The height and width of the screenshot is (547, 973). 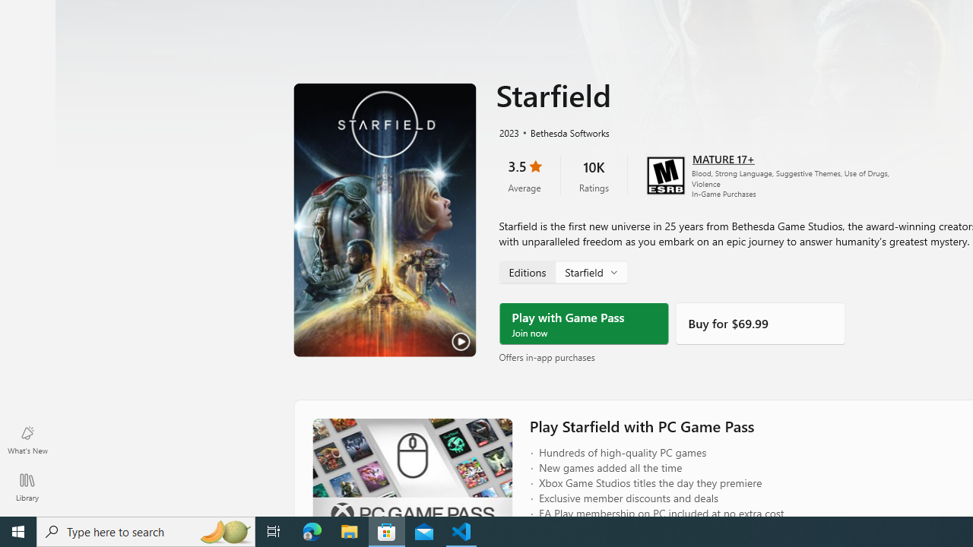 I want to click on 'Library', so click(x=27, y=486).